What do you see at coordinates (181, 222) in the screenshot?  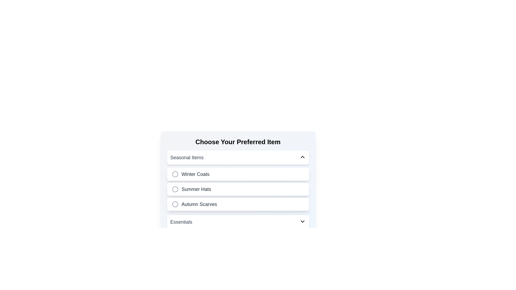 I see `the 'Essentials' text label, which is displayed in a medium-sized, gray font and positioned near the bottom right of the interface, to the left of a chevron arrow icon` at bounding box center [181, 222].